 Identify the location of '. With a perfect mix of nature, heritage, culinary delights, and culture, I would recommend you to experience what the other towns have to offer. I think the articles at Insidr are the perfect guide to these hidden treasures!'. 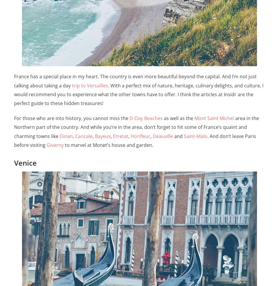
(14, 94).